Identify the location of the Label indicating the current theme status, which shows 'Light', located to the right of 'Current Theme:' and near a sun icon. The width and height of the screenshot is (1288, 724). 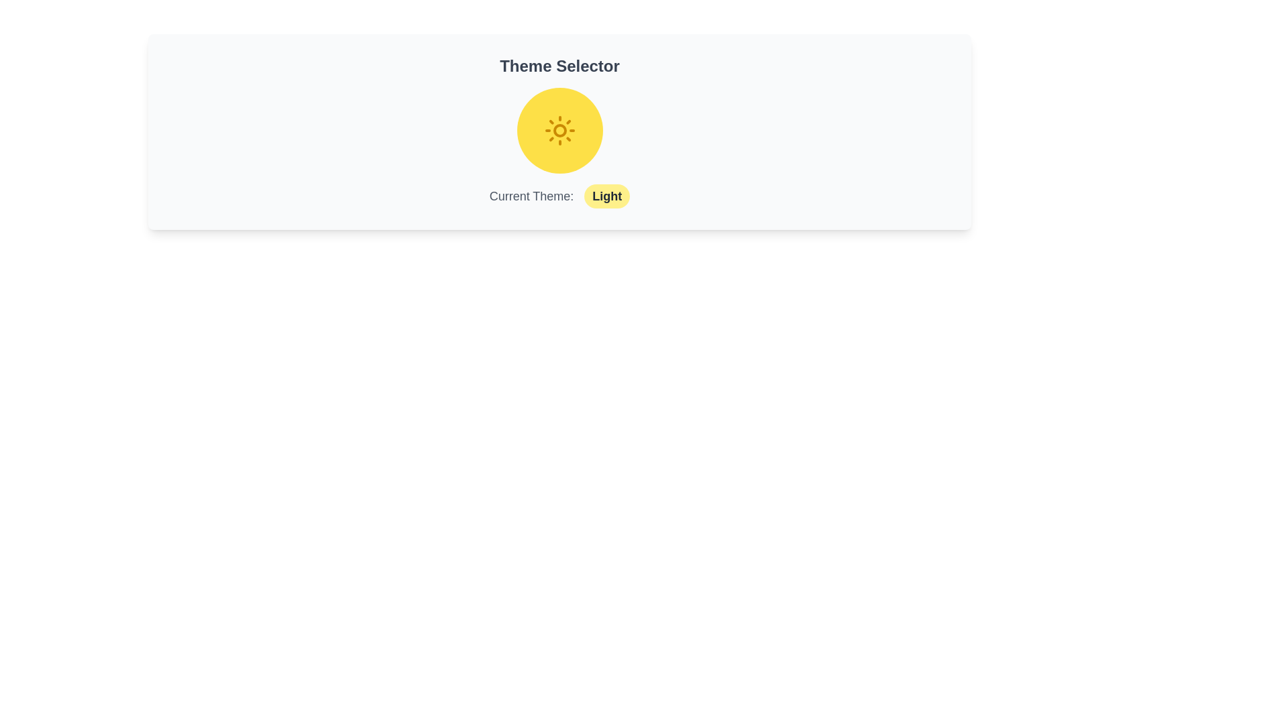
(606, 196).